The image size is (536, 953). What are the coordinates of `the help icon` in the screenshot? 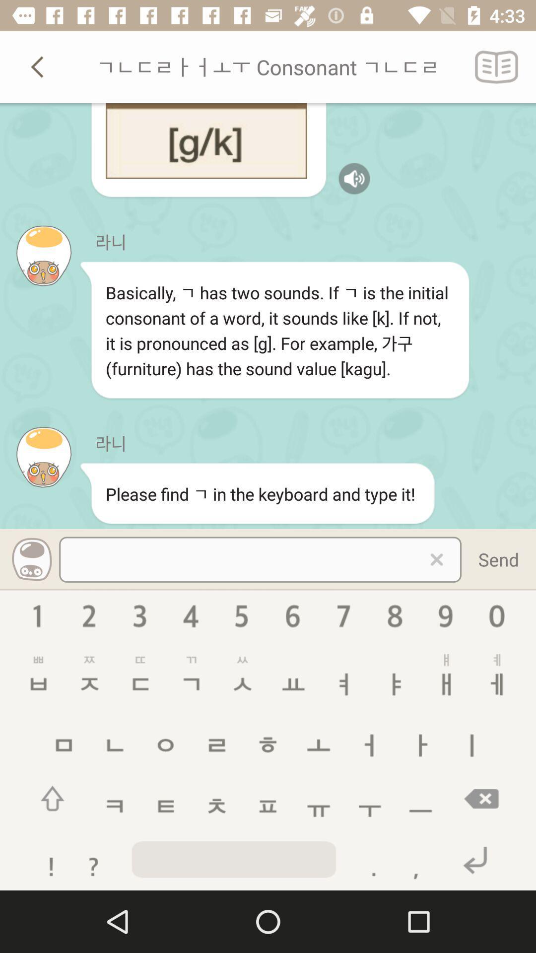 It's located at (94, 859).